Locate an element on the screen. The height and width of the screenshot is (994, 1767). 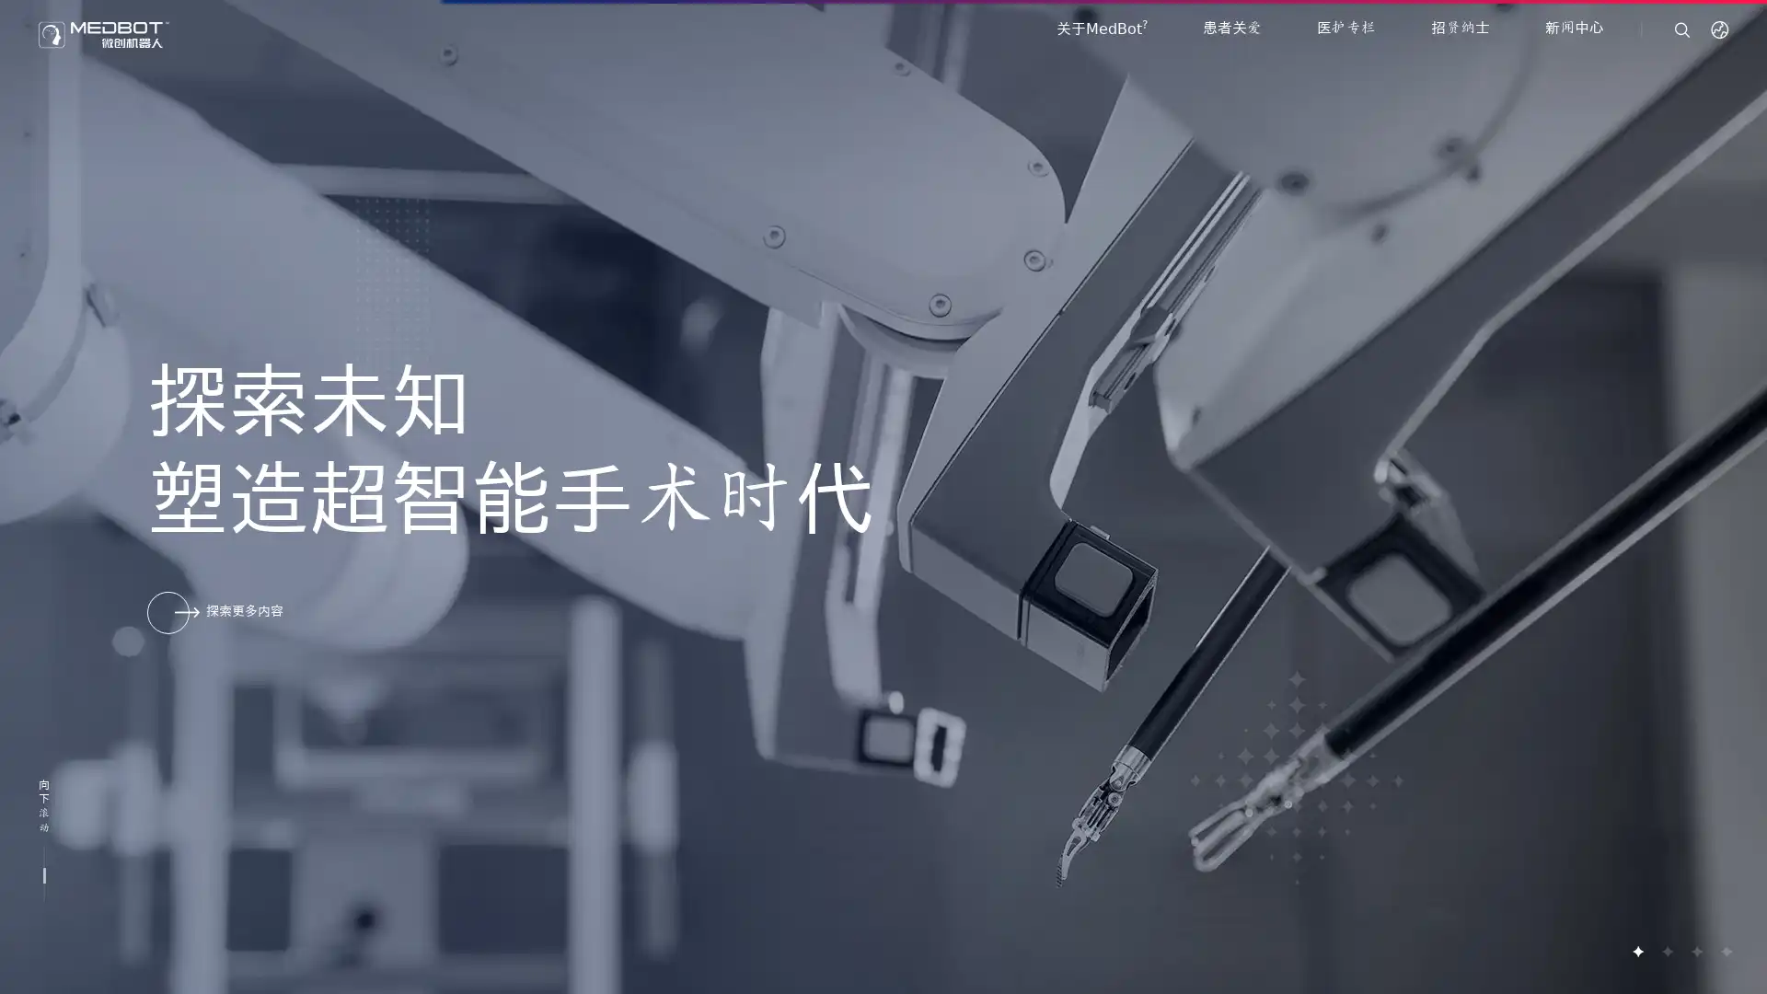
Go to slide 4 is located at coordinates (1725, 951).